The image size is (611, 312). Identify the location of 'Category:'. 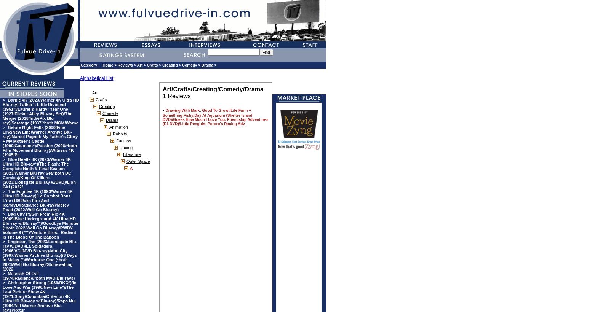
(91, 65).